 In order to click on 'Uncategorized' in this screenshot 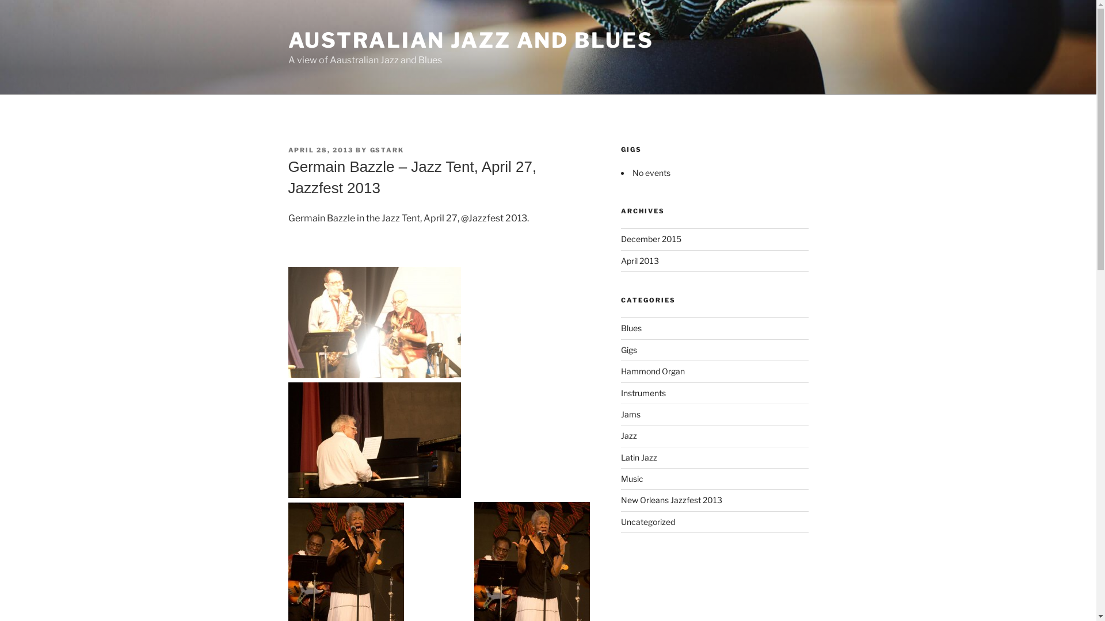, I will do `click(648, 522)`.